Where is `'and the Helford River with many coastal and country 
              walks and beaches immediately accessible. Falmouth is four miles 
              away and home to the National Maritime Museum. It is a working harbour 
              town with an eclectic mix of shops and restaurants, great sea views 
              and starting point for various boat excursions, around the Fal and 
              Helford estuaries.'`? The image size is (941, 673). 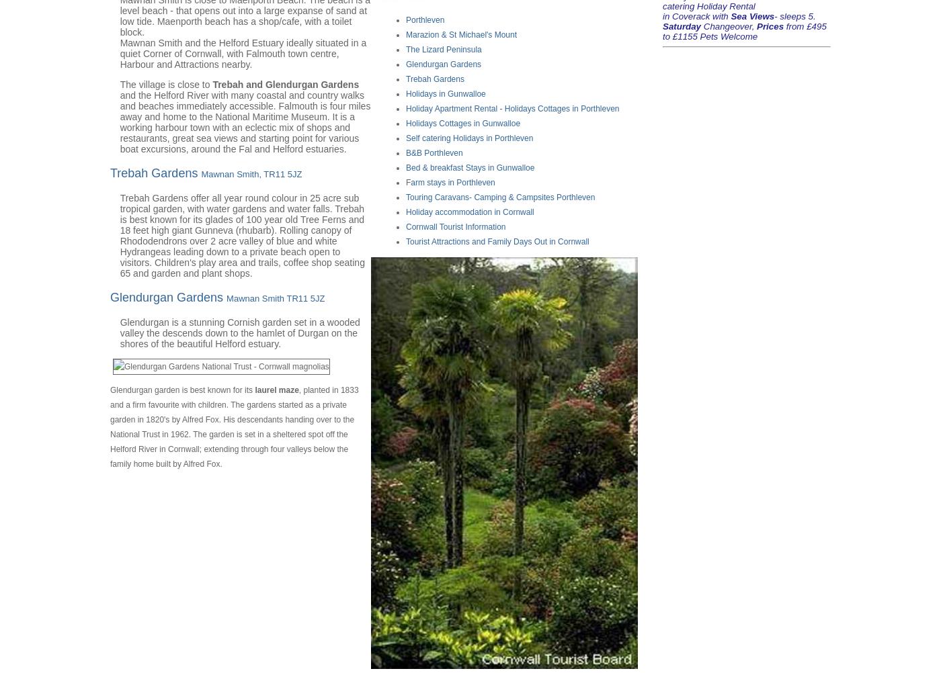
'and the Helford River with many coastal and country 
              walks and beaches immediately accessible. Falmouth is four miles 
              away and home to the National Maritime Museum. It is a working harbour 
              town with an eclectic mix of shops and restaurants, great sea views 
              and starting point for various boat excursions, around the Fal and 
              Helford estuaries.' is located at coordinates (245, 121).